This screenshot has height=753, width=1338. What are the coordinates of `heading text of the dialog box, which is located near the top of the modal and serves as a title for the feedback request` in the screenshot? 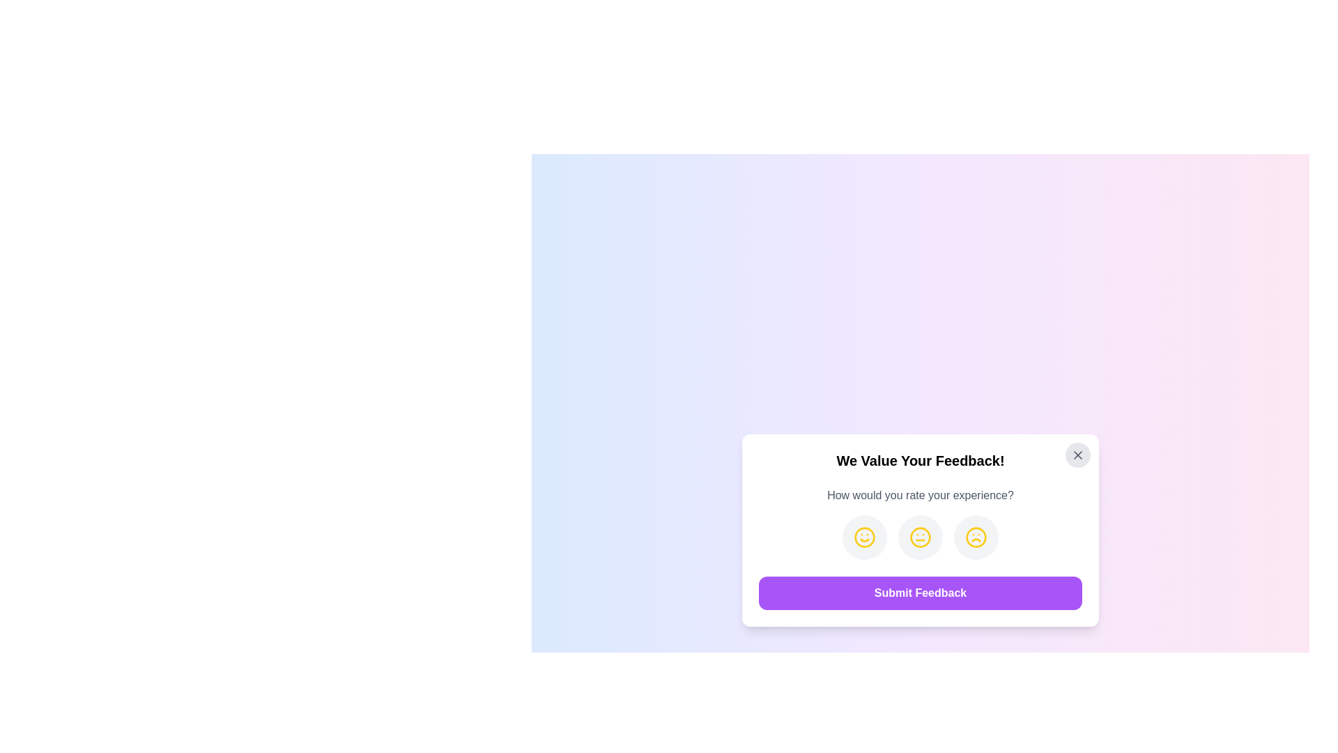 It's located at (920, 460).